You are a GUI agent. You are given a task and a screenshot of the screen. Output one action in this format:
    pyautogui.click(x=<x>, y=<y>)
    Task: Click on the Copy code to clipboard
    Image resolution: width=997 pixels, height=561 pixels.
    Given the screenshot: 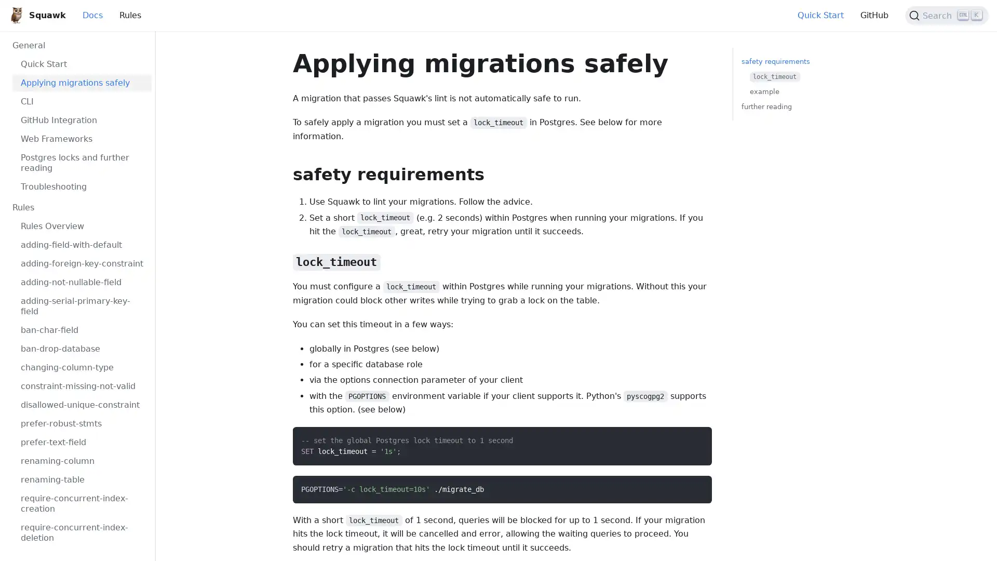 What is the action you would take?
    pyautogui.click(x=695, y=438)
    